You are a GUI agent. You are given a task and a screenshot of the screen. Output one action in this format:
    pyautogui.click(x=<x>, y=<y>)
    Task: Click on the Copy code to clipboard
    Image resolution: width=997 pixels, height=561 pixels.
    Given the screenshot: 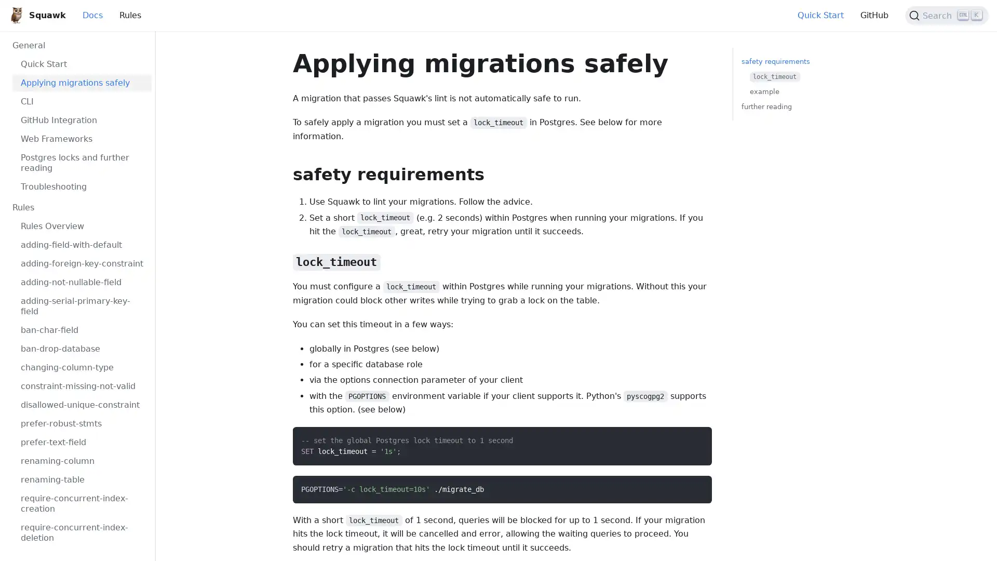 What is the action you would take?
    pyautogui.click(x=695, y=438)
    